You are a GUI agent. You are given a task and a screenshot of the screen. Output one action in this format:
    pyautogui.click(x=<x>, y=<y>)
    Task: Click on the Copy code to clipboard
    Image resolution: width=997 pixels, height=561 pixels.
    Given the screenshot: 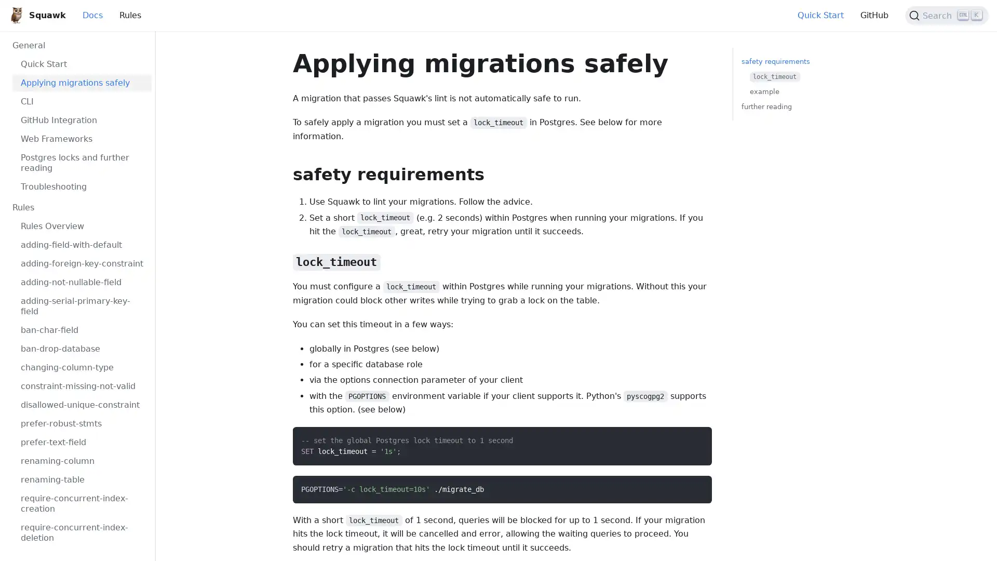 What is the action you would take?
    pyautogui.click(x=695, y=438)
    